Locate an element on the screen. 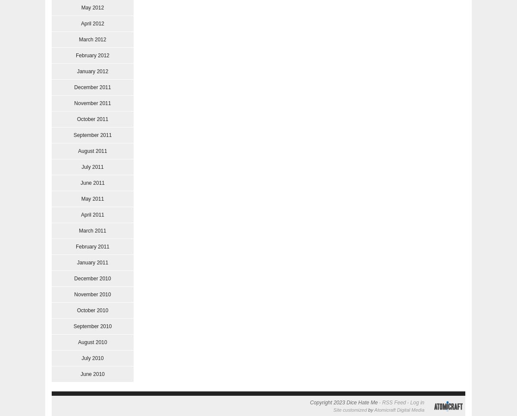 This screenshot has width=517, height=416. 'January 2011' is located at coordinates (76, 263).